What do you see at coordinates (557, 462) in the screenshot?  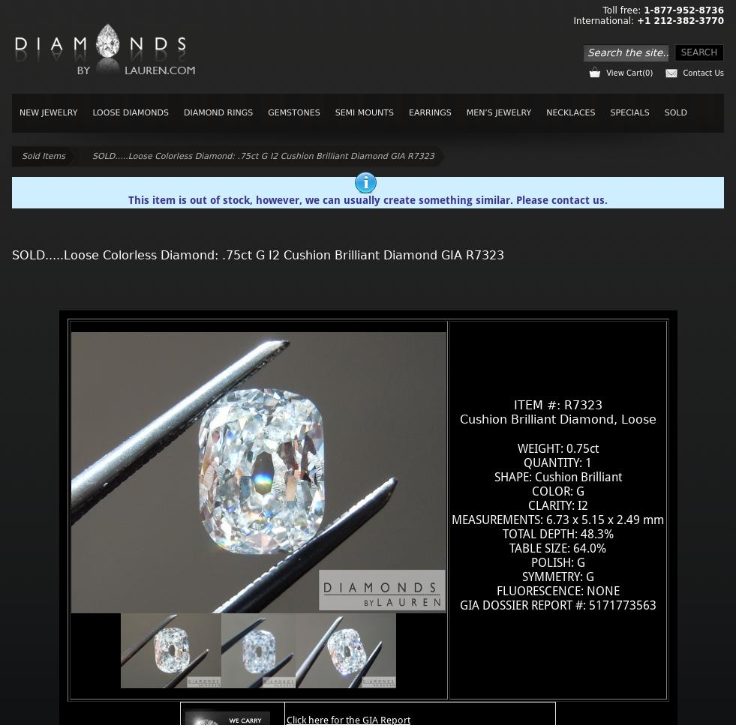 I see `'QUANTITY: 1'` at bounding box center [557, 462].